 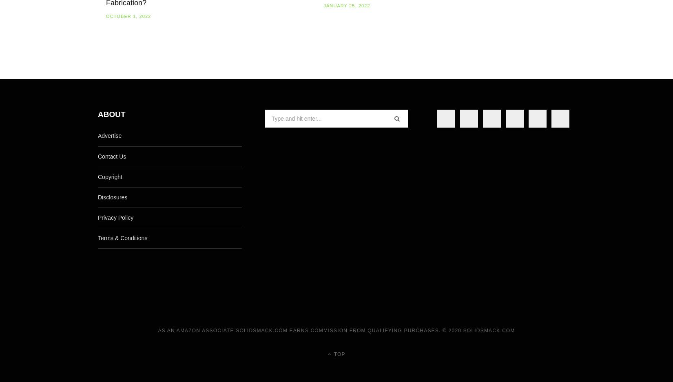 I want to click on 'Top', so click(x=338, y=353).